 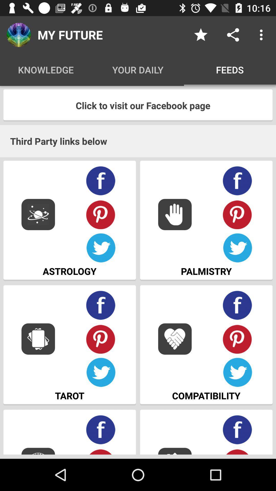 What do you see at coordinates (237, 372) in the screenshot?
I see `twitter` at bounding box center [237, 372].